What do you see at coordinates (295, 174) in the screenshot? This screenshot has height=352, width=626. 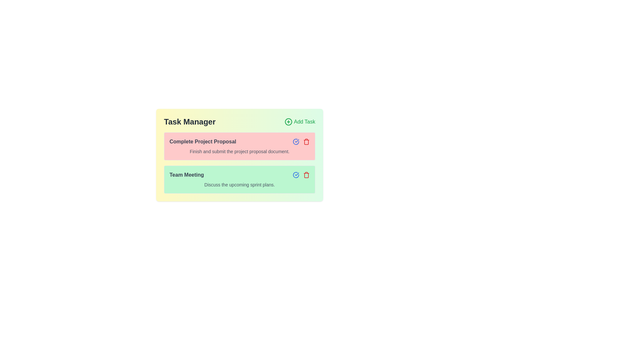 I see `the left confirmation icon to mark the 'Team Meeting' task as complete in the green highlighted task section under 'Task Manager'` at bounding box center [295, 174].